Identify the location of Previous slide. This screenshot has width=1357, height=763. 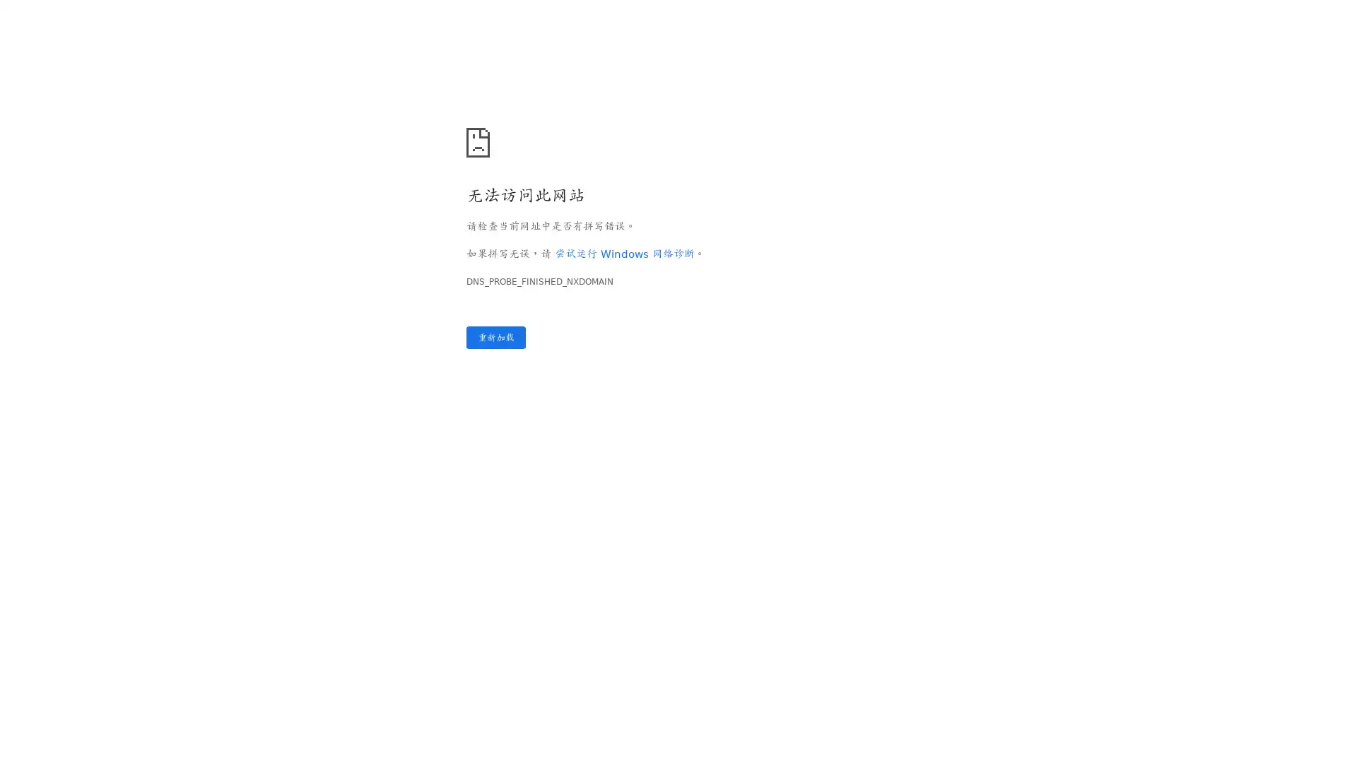
(25, 402).